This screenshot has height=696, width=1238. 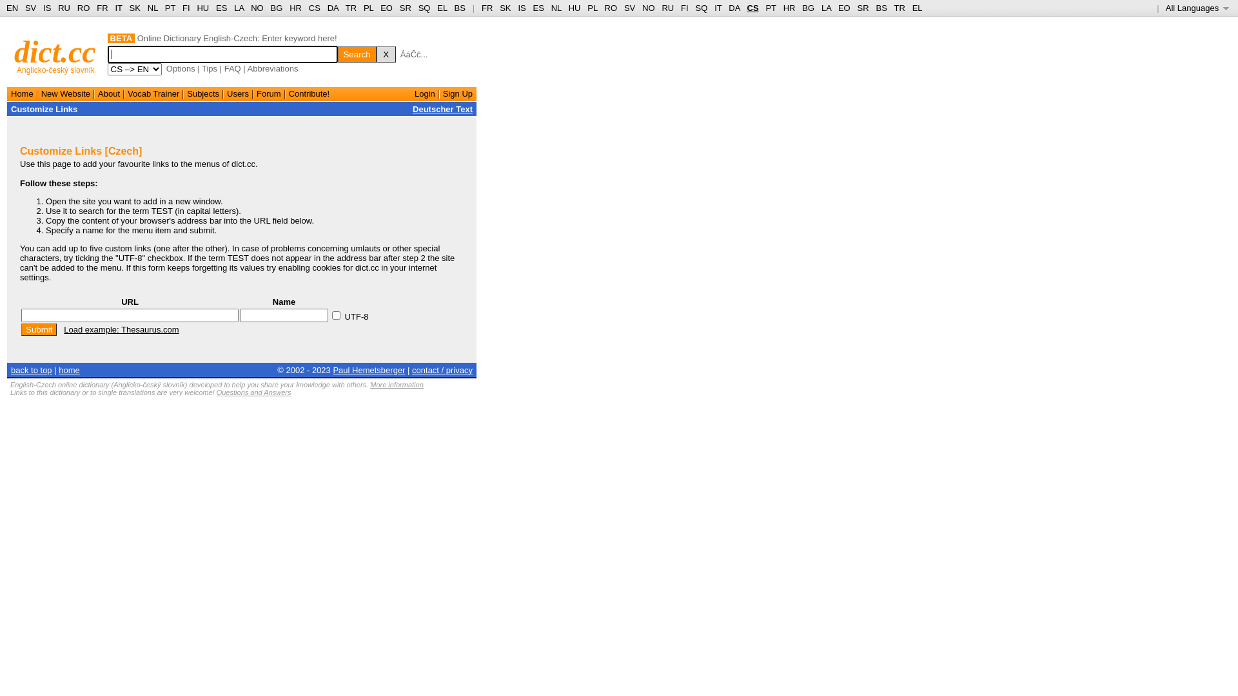 I want to click on 'EN', so click(x=12, y=8).